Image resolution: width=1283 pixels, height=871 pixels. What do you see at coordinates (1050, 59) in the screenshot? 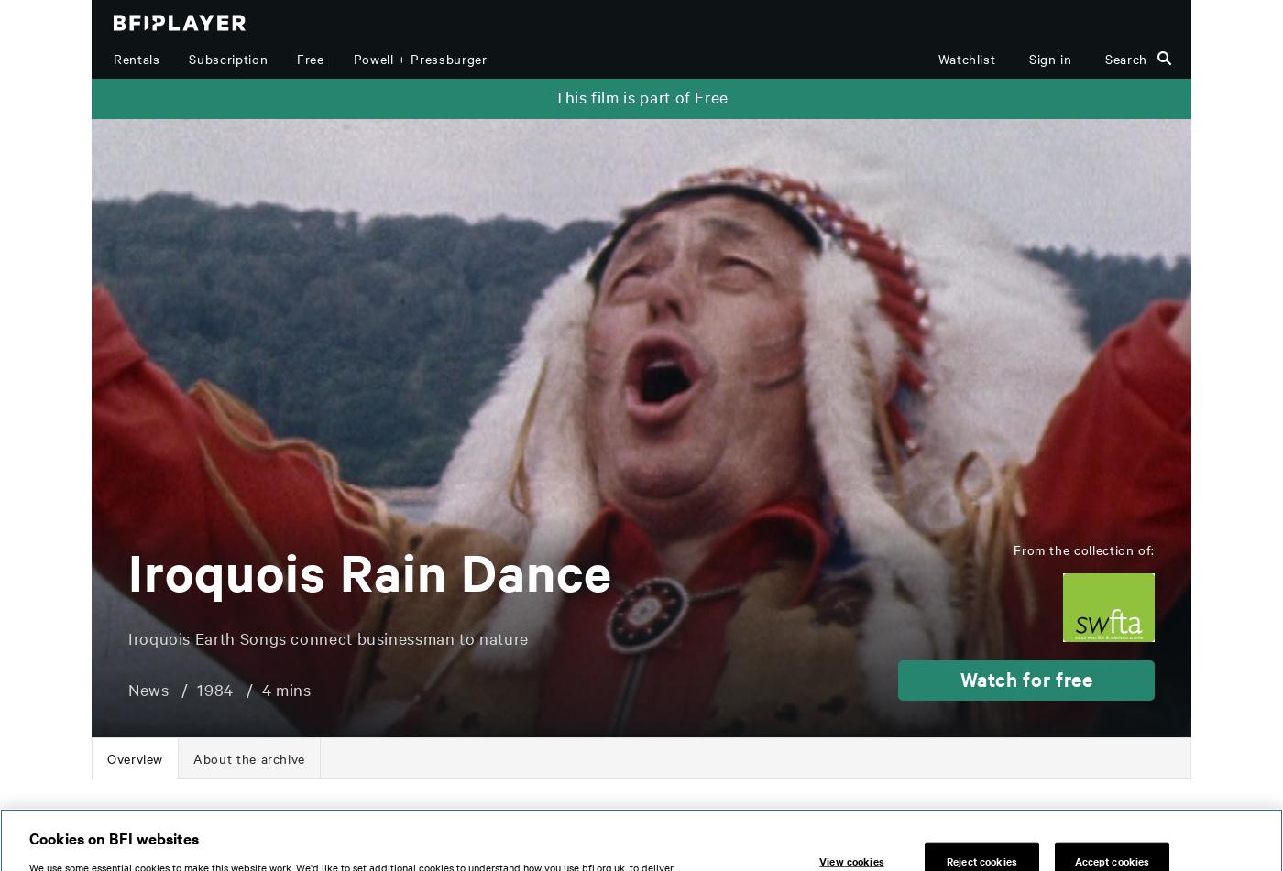
I see `'Sign in'` at bounding box center [1050, 59].